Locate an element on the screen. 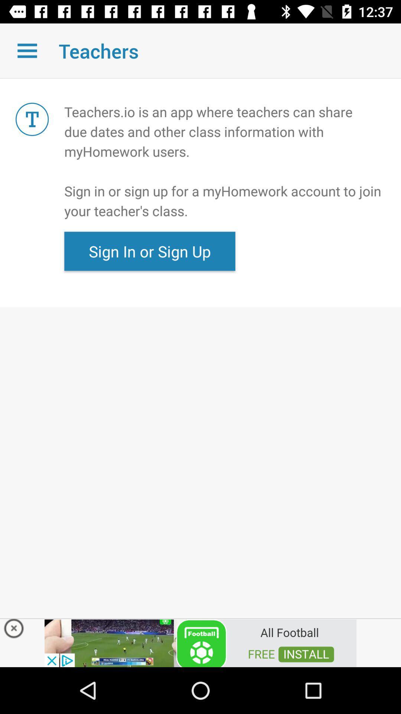 The width and height of the screenshot is (401, 714). open advertisement is located at coordinates (200, 642).